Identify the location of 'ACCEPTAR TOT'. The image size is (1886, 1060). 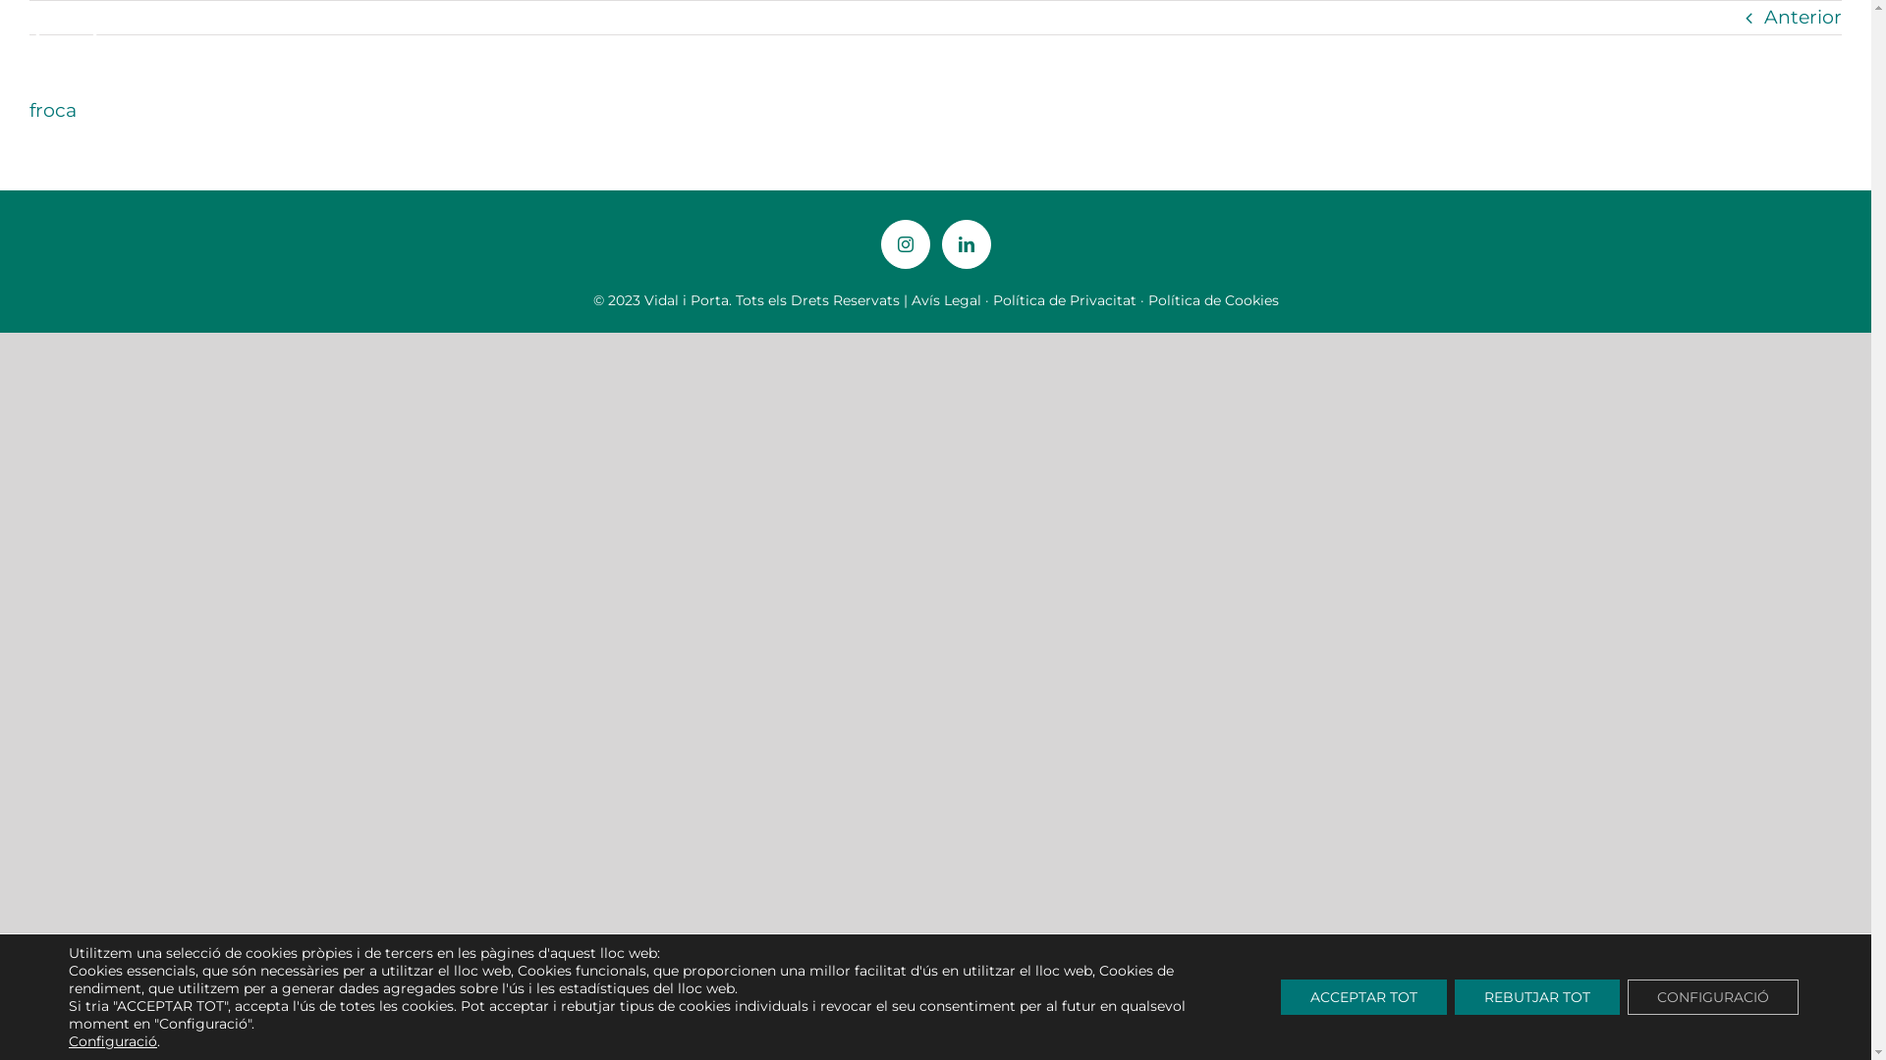
(1362, 996).